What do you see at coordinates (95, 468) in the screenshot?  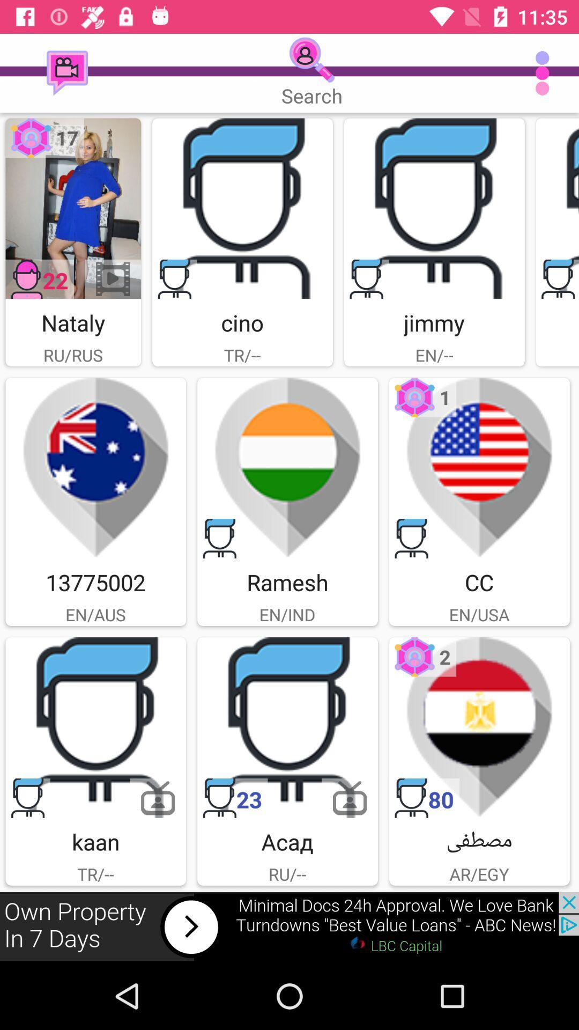 I see `theme option` at bounding box center [95, 468].